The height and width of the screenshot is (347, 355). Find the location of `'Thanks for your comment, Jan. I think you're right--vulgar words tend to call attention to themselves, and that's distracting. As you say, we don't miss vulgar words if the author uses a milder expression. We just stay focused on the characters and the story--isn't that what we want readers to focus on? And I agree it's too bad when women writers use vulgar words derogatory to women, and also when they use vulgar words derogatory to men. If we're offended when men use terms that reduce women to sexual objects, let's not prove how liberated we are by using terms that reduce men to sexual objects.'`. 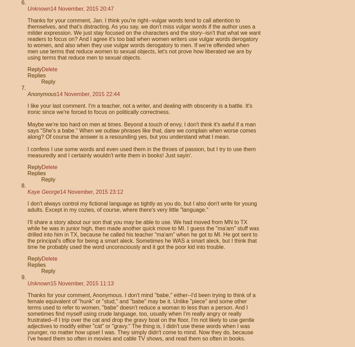

'Thanks for your comment, Jan. I think you're right--vulgar words tend to call attention to themselves, and that's distracting. As you say, we don't miss vulgar words if the author uses a milder expression. We just stay focused on the characters and the story--isn't that what we want readers to focus on? And I agree it's too bad when women writers use vulgar words derogatory to women, and also when they use vulgar words derogatory to men. If we're offended when men use terms that reduce women to sexual objects, let's not prove how liberated we are by using terms that reduce men to sexual objects.' is located at coordinates (143, 39).